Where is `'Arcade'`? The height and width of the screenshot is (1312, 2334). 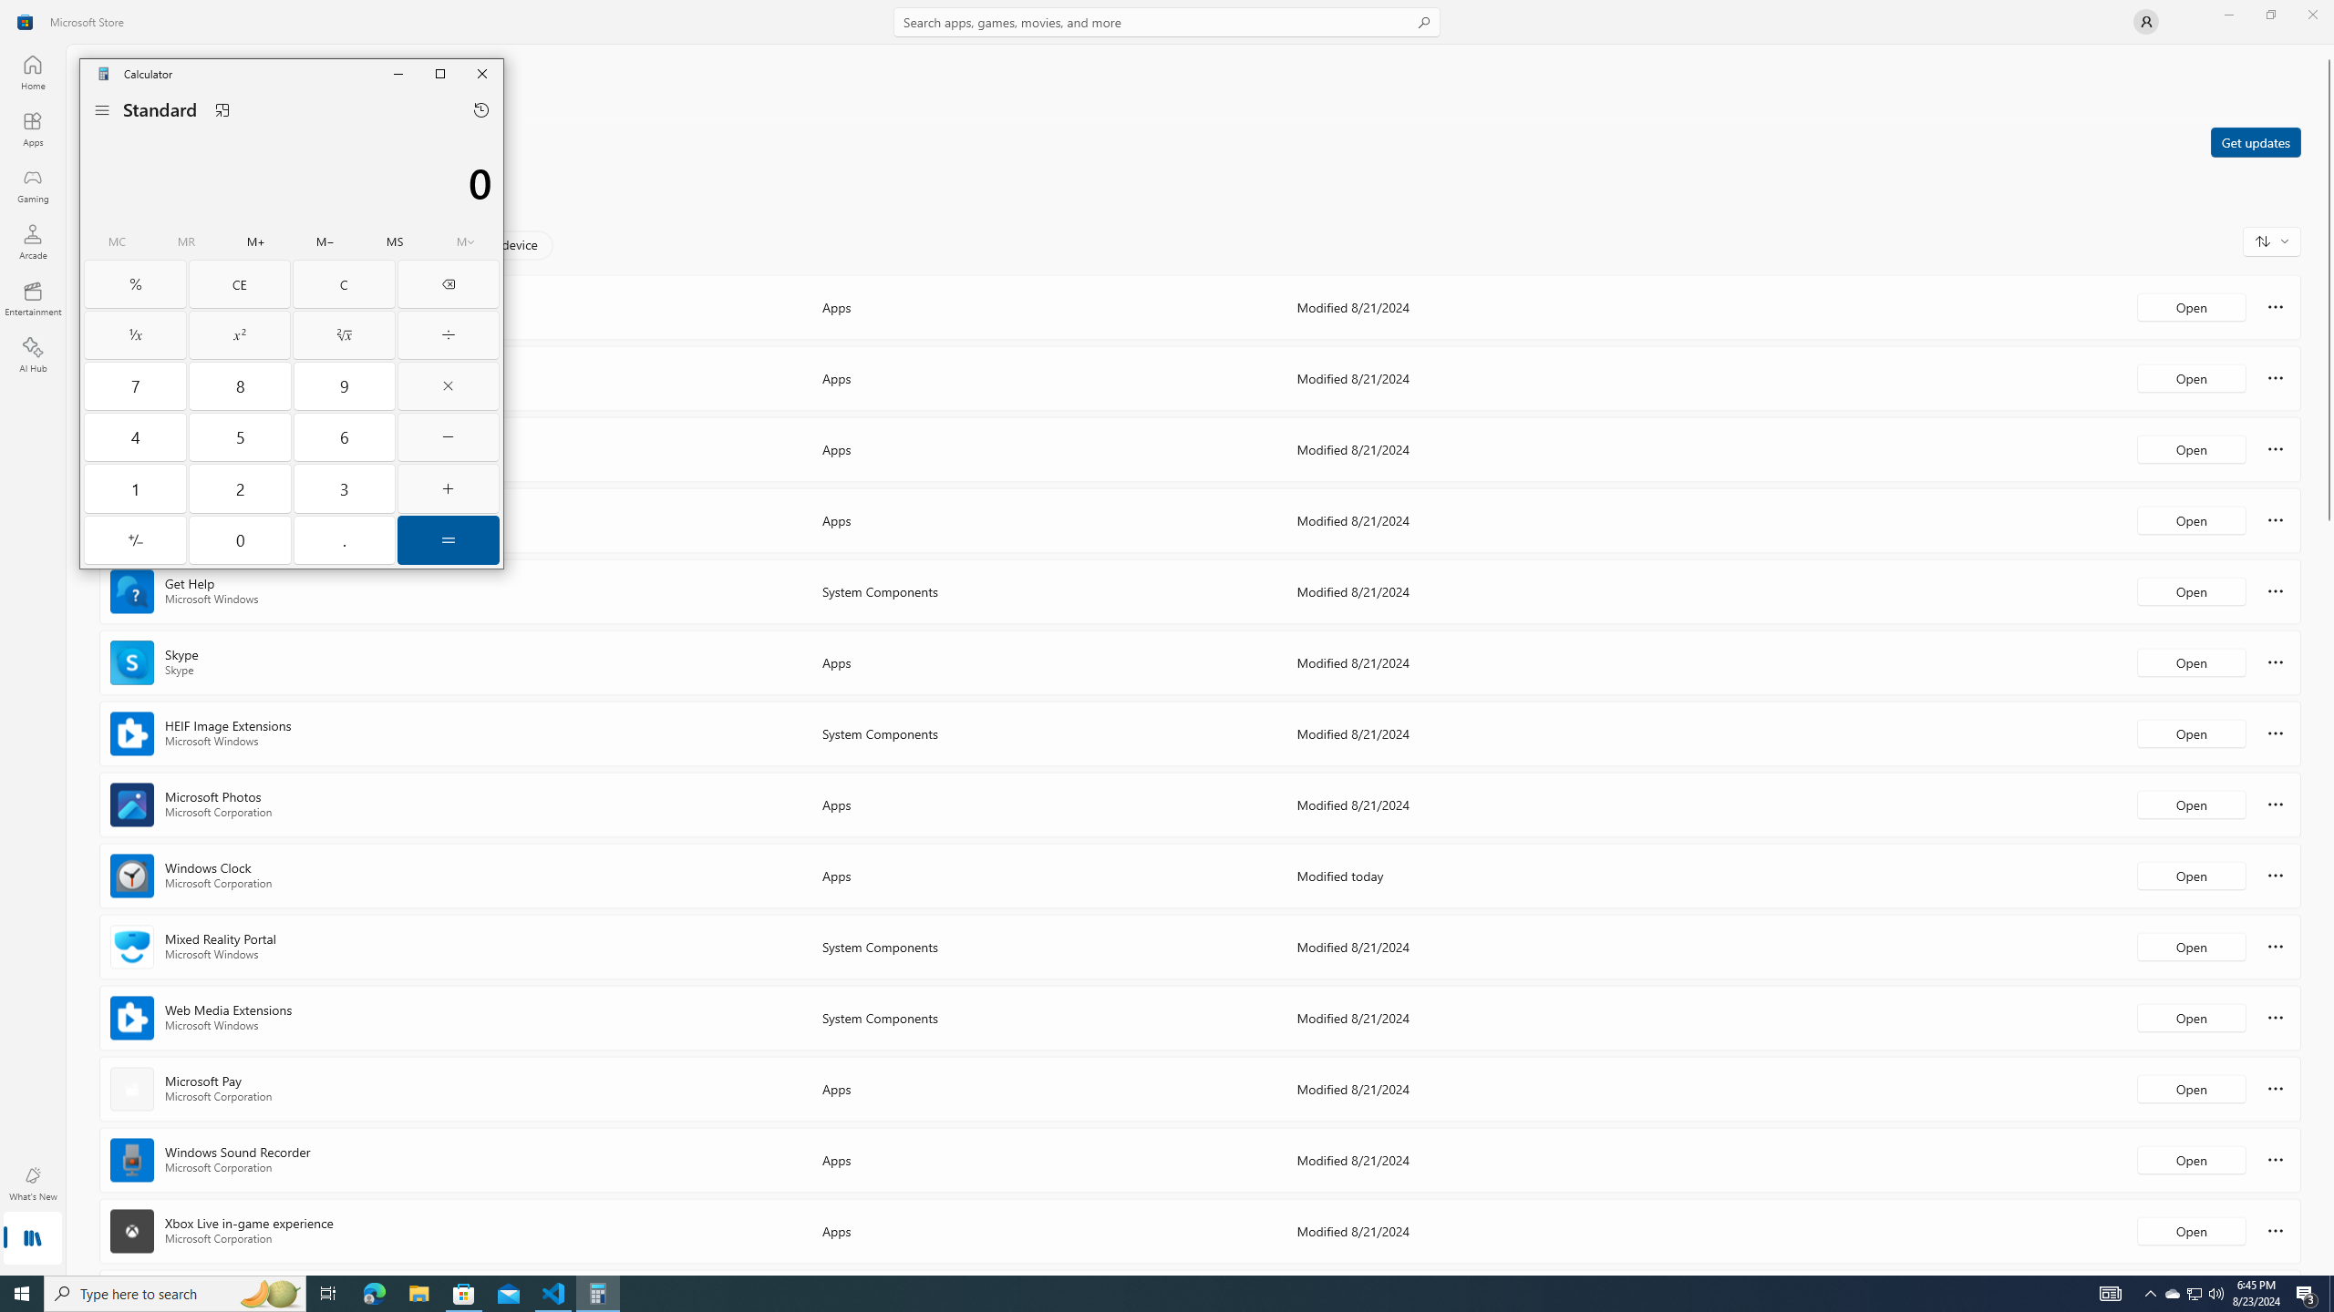
'Arcade' is located at coordinates (31, 241).